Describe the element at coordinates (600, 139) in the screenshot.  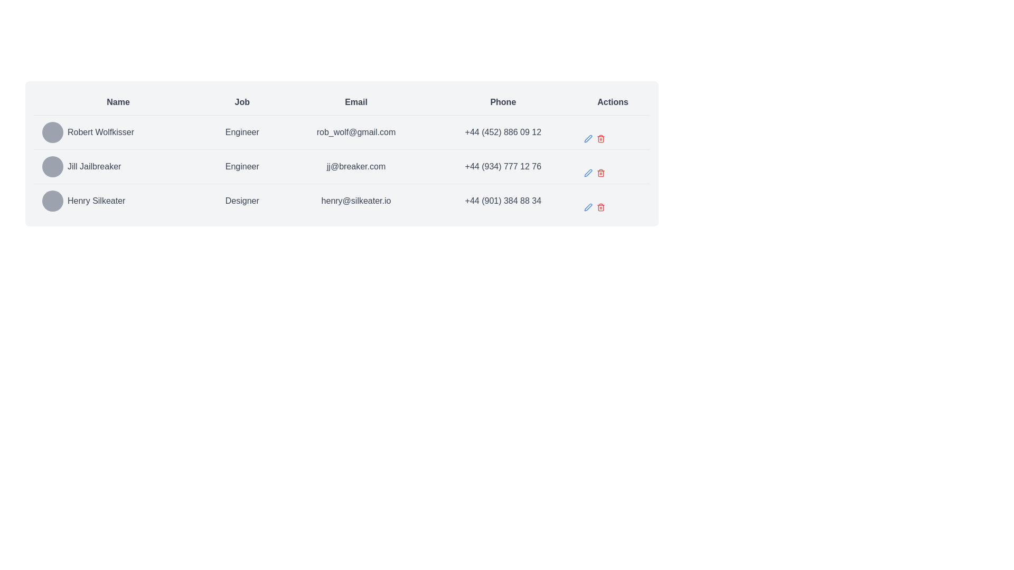
I see `the trash can icon representing the delete action within the Actions column of a data table row` at that location.